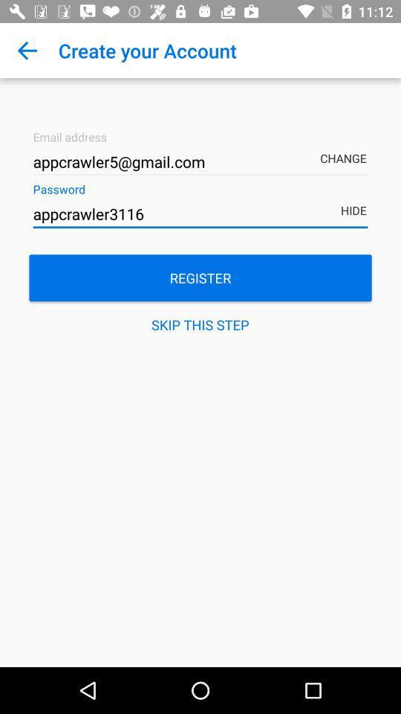  What do you see at coordinates (27, 51) in the screenshot?
I see `the icon at the top left corner` at bounding box center [27, 51].